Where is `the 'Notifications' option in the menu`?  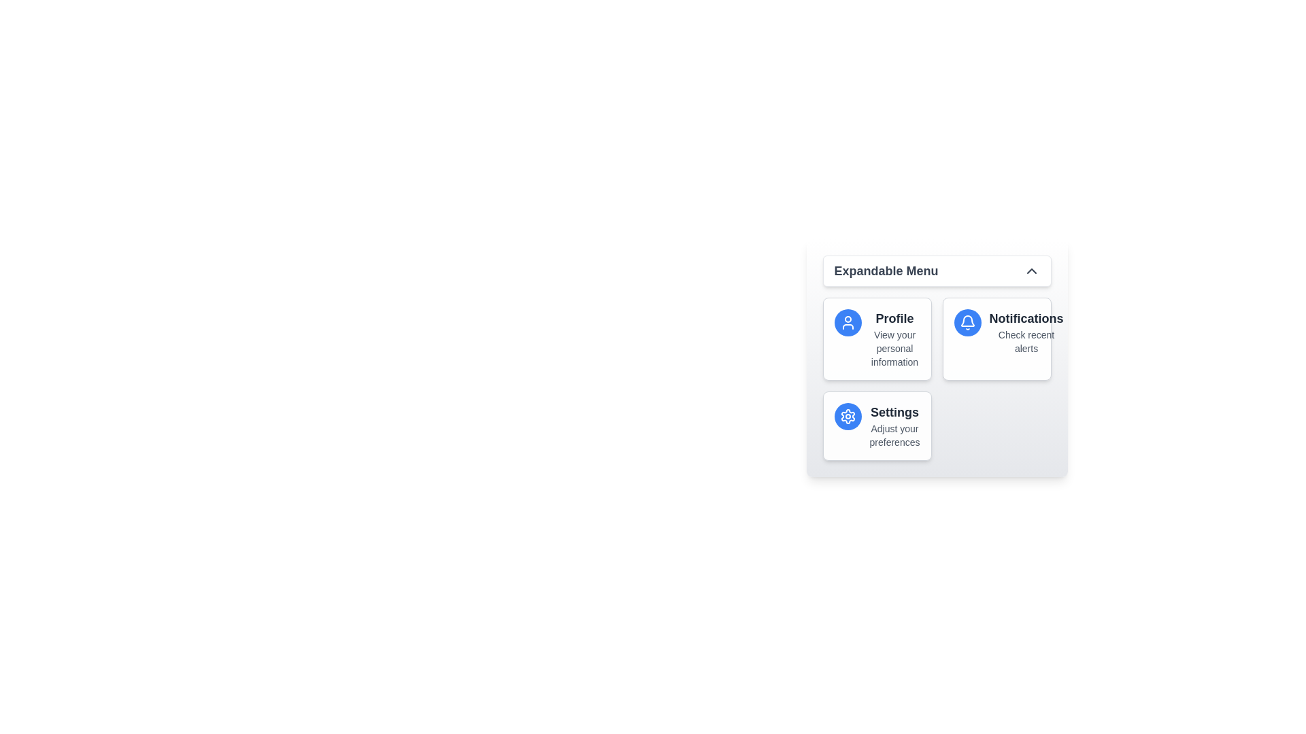
the 'Notifications' option in the menu is located at coordinates (1026, 319).